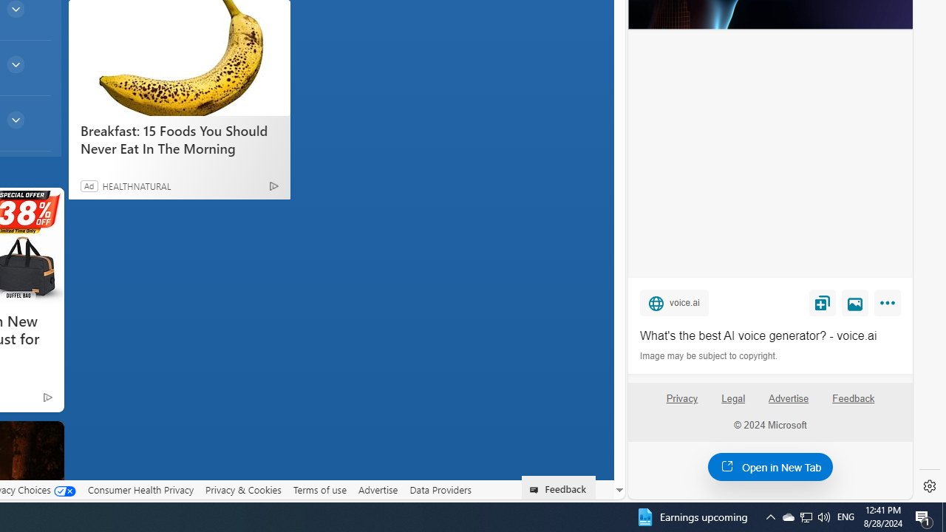 The image size is (946, 532). Describe the element at coordinates (673, 301) in the screenshot. I see `'voice.ai'` at that location.